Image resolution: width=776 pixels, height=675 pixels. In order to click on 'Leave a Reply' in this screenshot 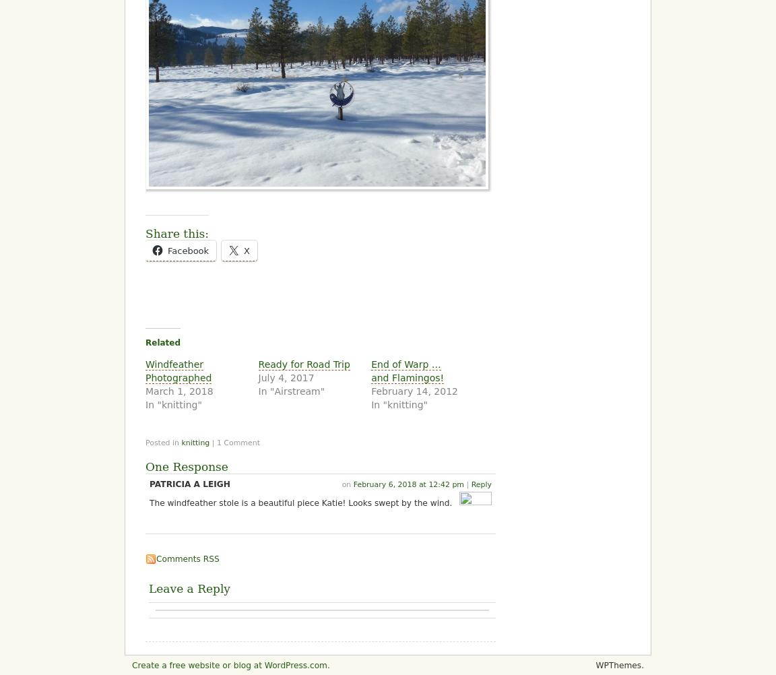, I will do `click(189, 588)`.